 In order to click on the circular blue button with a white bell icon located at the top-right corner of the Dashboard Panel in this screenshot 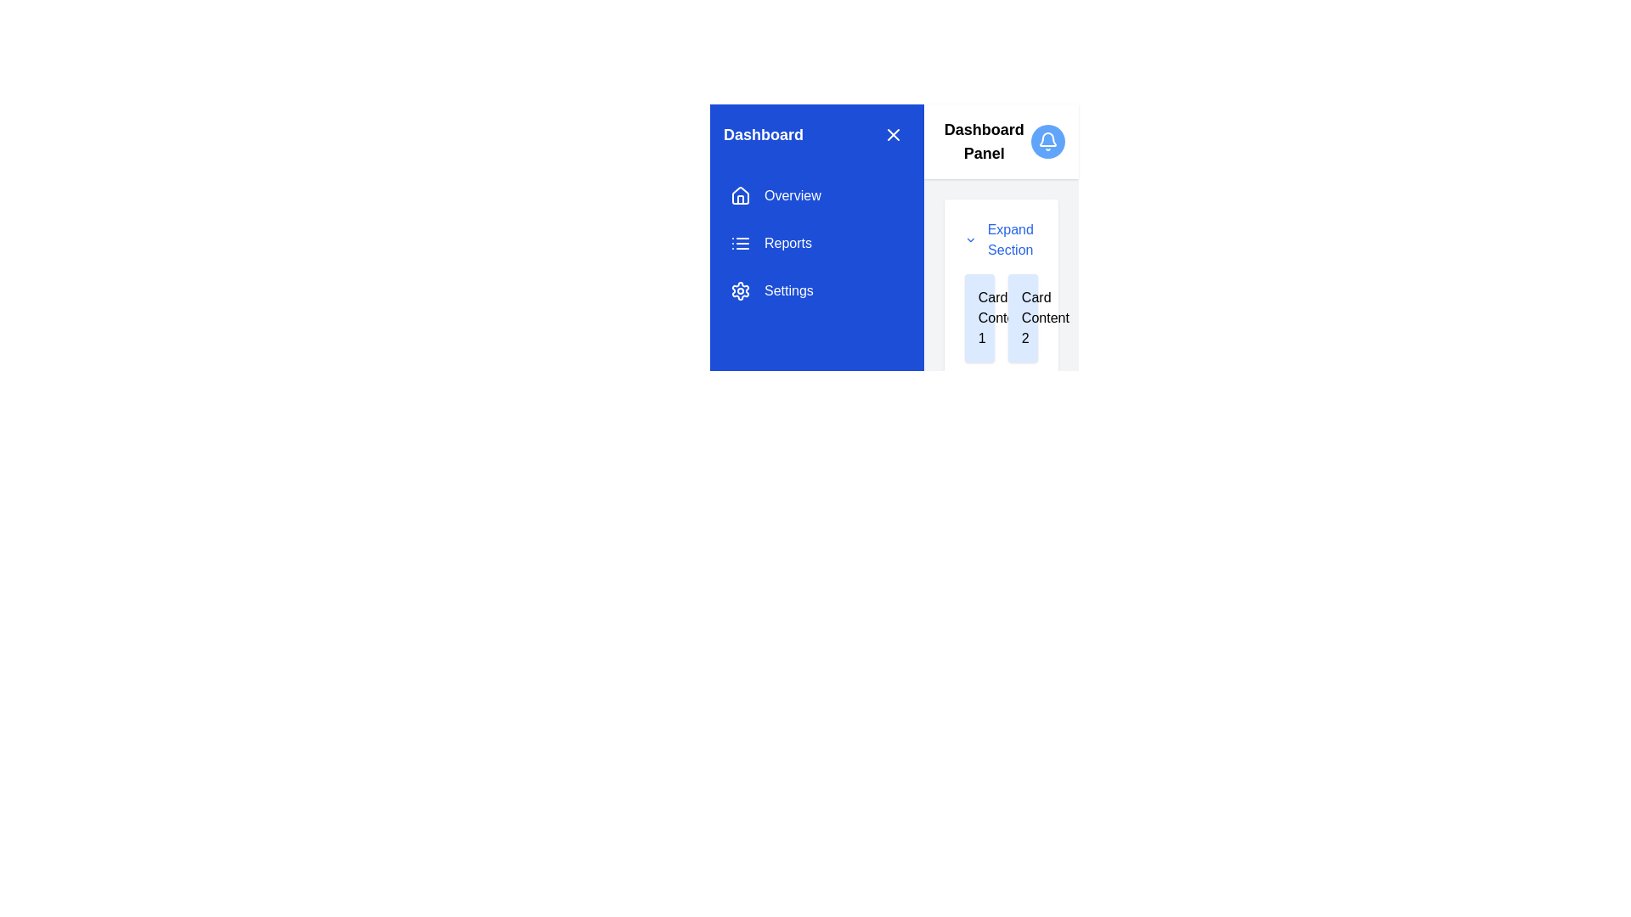, I will do `click(1047, 140)`.